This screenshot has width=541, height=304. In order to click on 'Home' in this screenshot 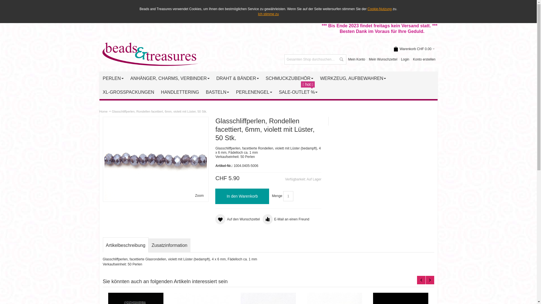, I will do `click(103, 111)`.